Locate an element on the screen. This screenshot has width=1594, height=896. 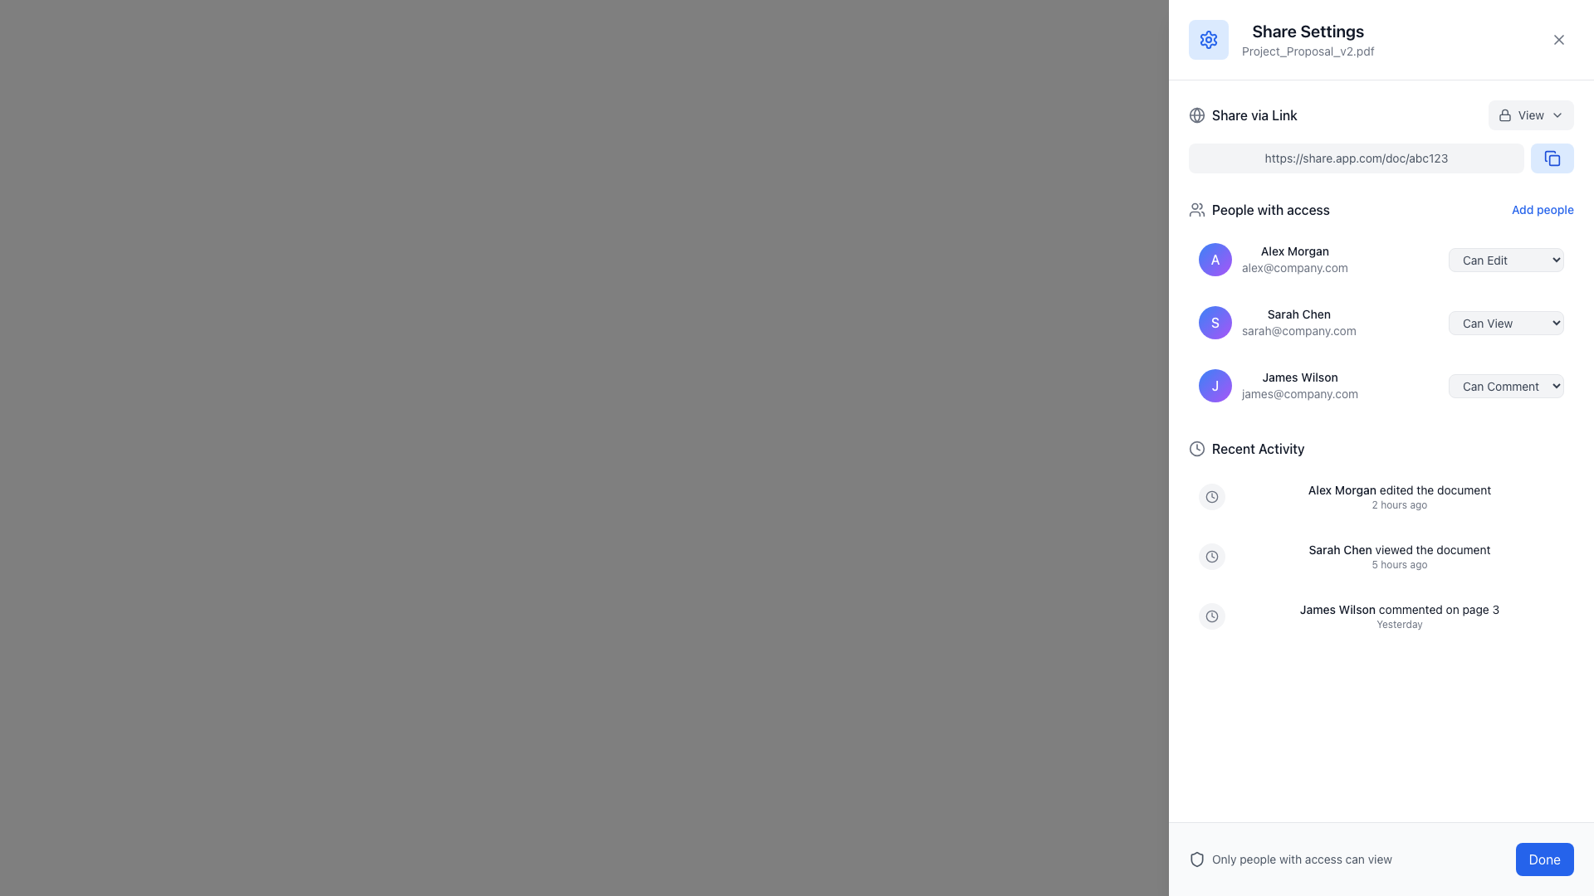
the third user information entry in the 'People with access' section is located at coordinates (1381, 386).